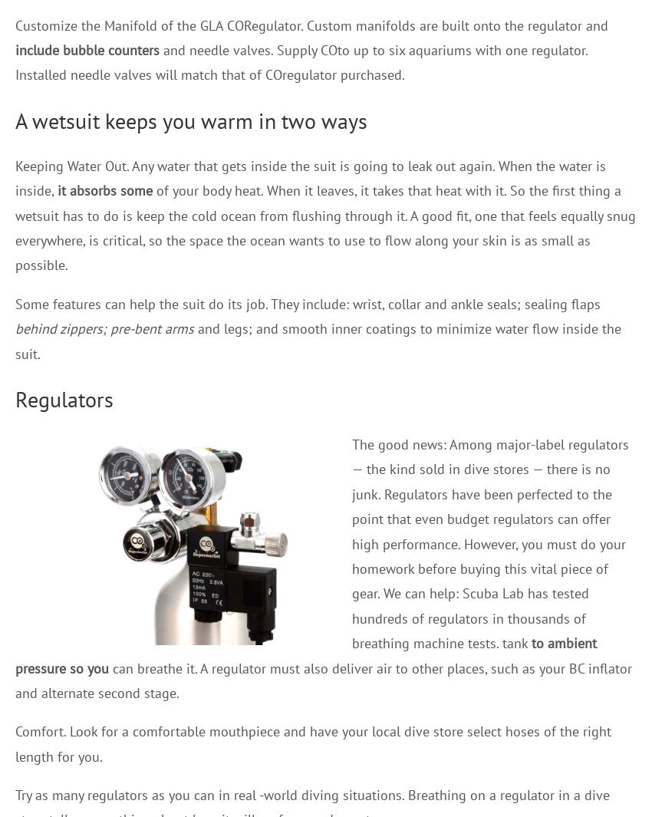  I want to click on 'and legs; and smooth inner coatings to minimize water flow inside the suit.', so click(318, 340).